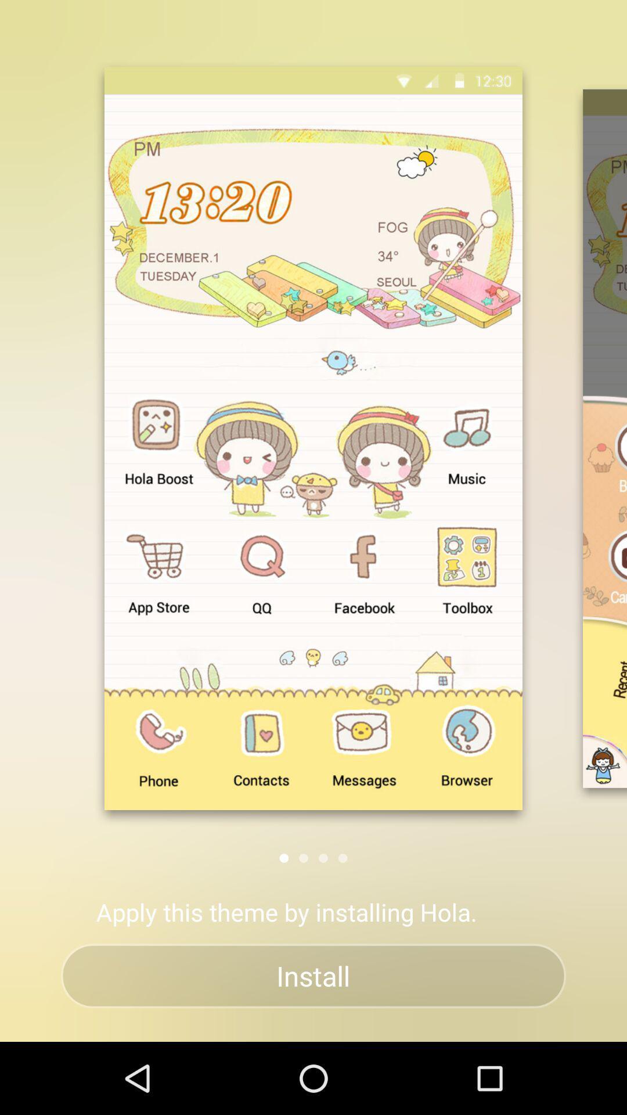 The height and width of the screenshot is (1115, 627). I want to click on app above apply this theme app, so click(323, 858).